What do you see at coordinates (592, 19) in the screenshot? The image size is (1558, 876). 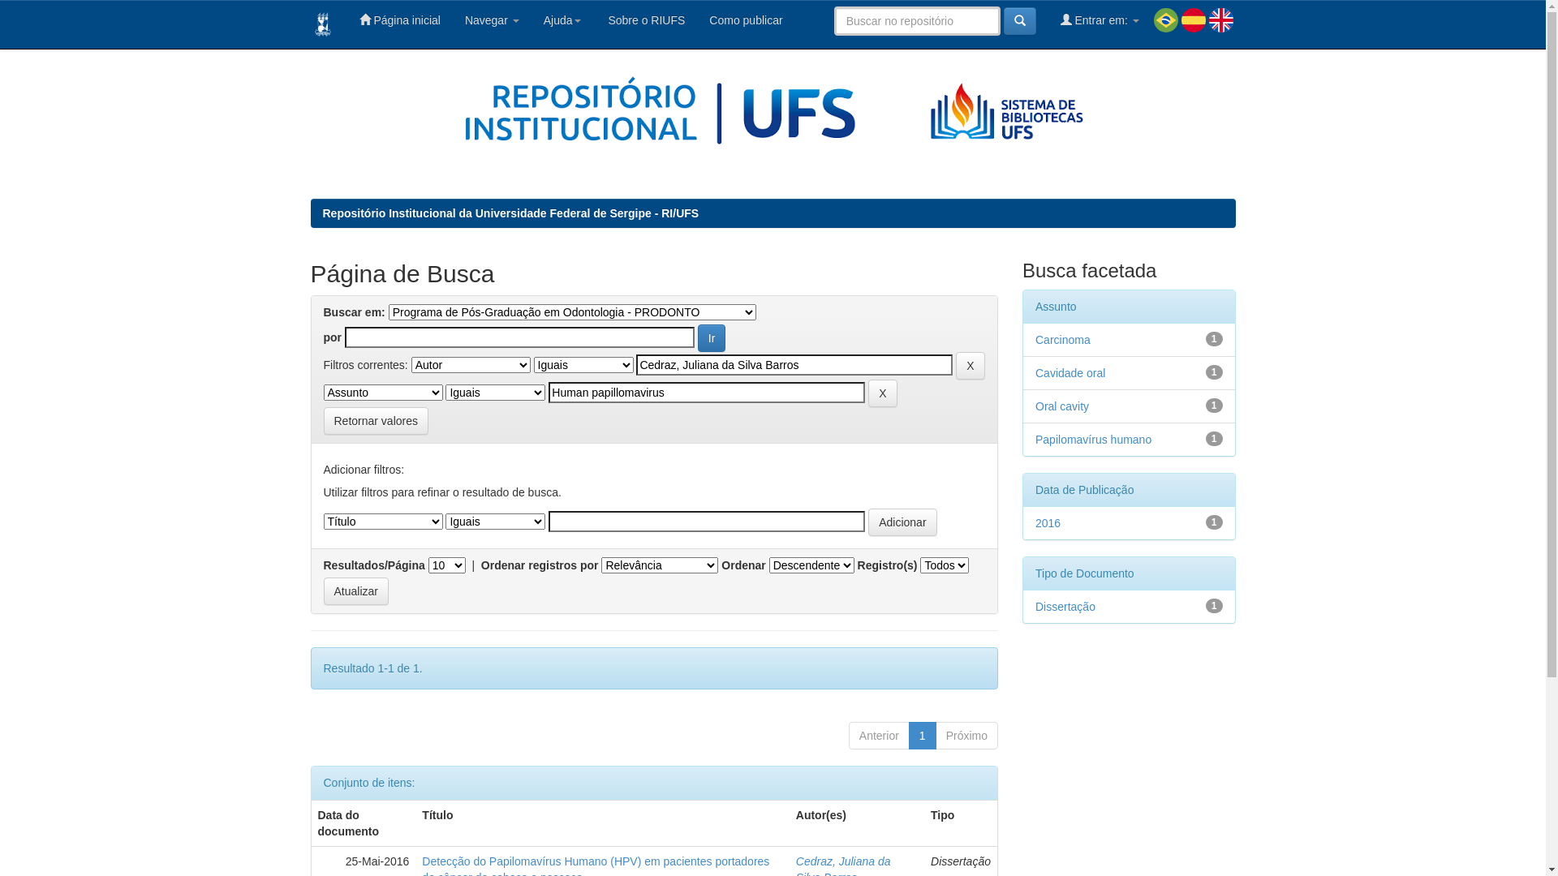 I see `'Sobre o RIUFS'` at bounding box center [592, 19].